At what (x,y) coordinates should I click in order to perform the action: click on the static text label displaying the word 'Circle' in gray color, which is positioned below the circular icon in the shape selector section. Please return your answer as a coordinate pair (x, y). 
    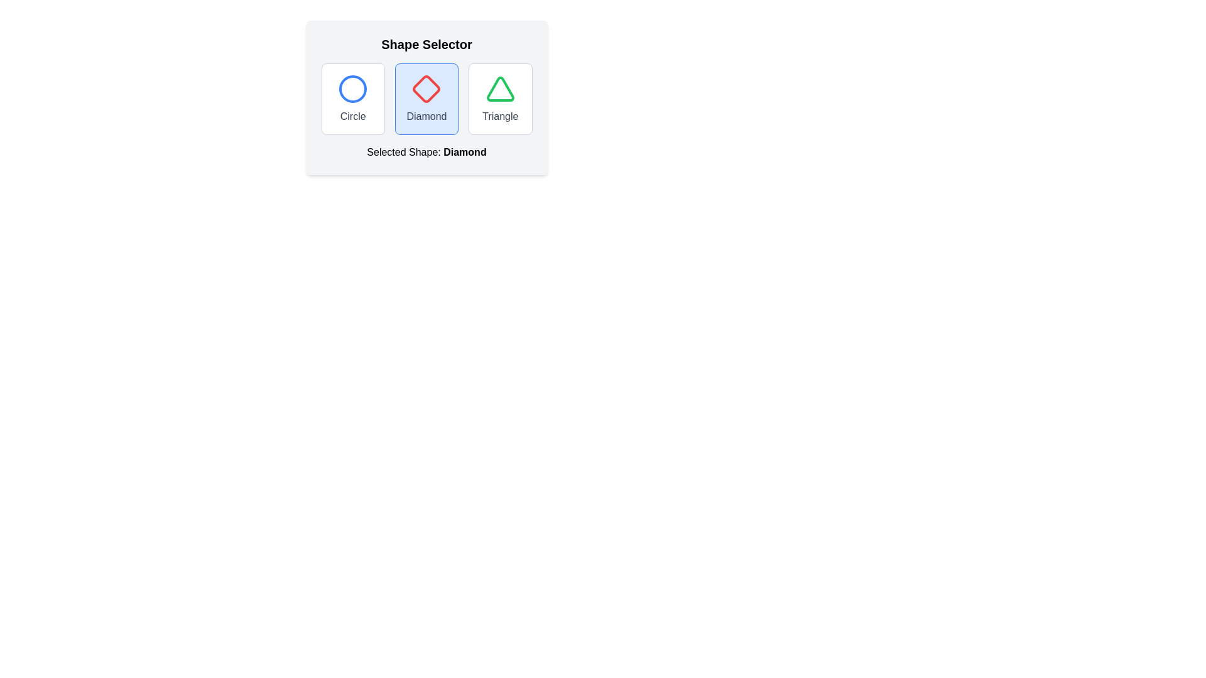
    Looking at the image, I should click on (352, 116).